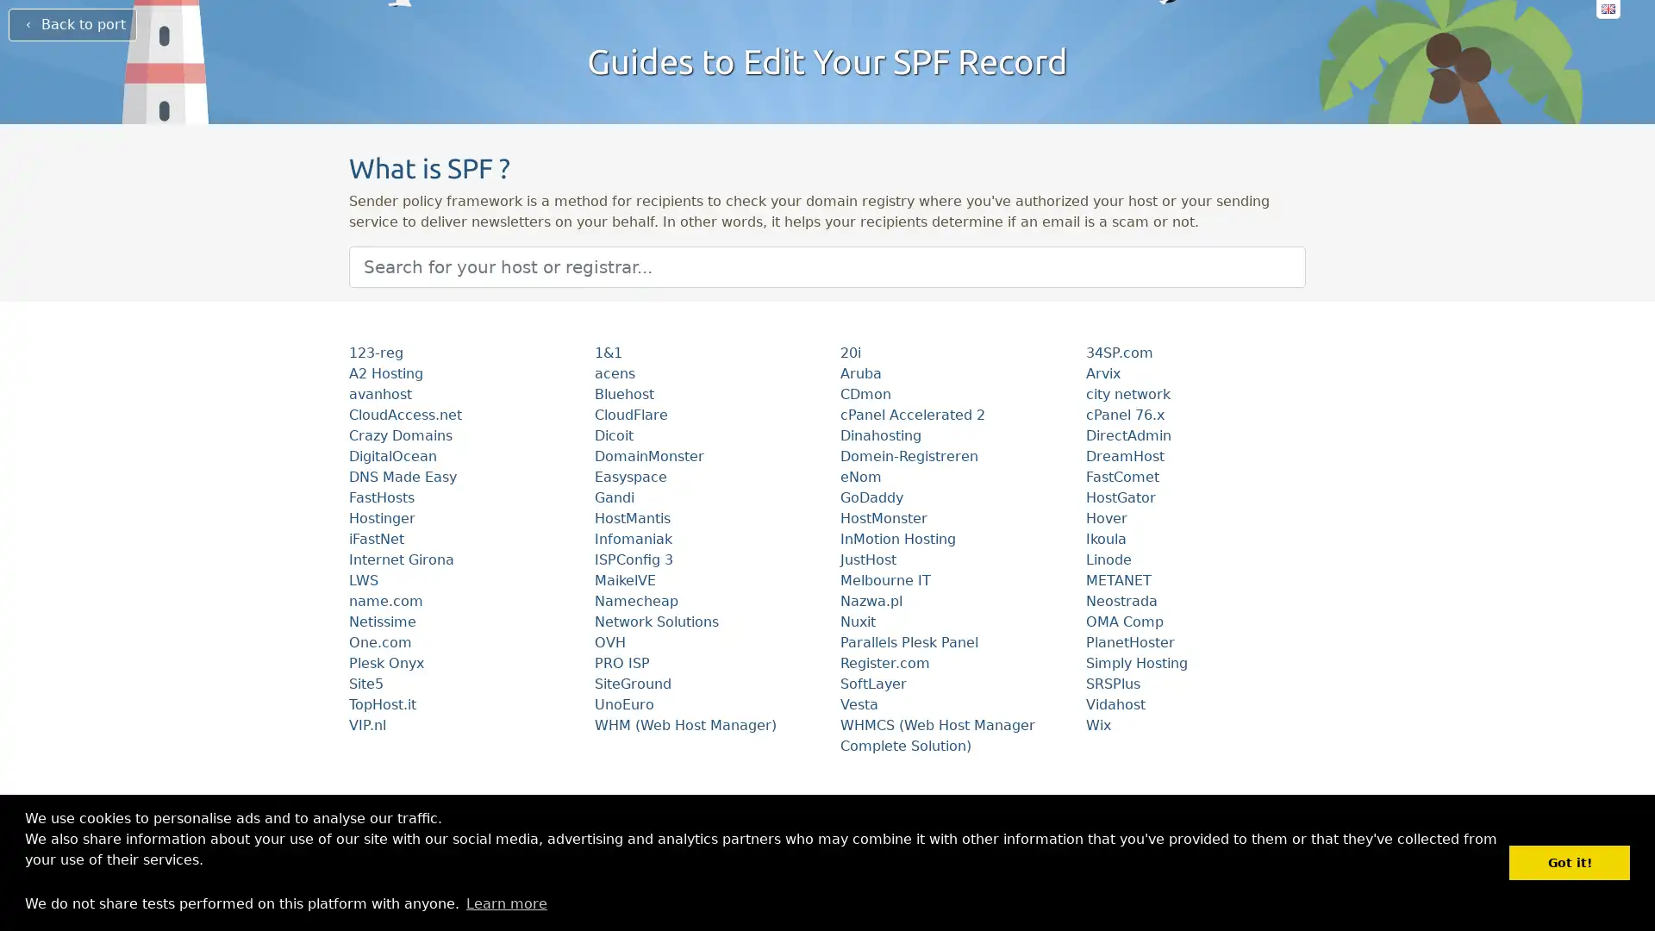 The width and height of the screenshot is (1655, 931). Describe the element at coordinates (1569, 862) in the screenshot. I see `dismiss cookie message` at that location.